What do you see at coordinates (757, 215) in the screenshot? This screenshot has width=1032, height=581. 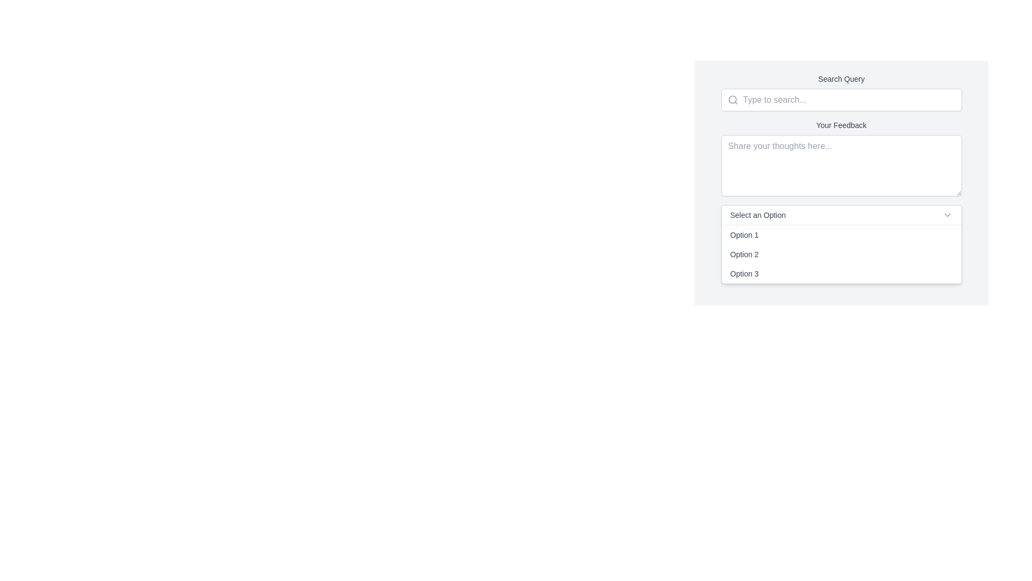 I see `the static text label that serves as a placeholder for the dropdown menu, located at the bottom right of the form interface` at bounding box center [757, 215].